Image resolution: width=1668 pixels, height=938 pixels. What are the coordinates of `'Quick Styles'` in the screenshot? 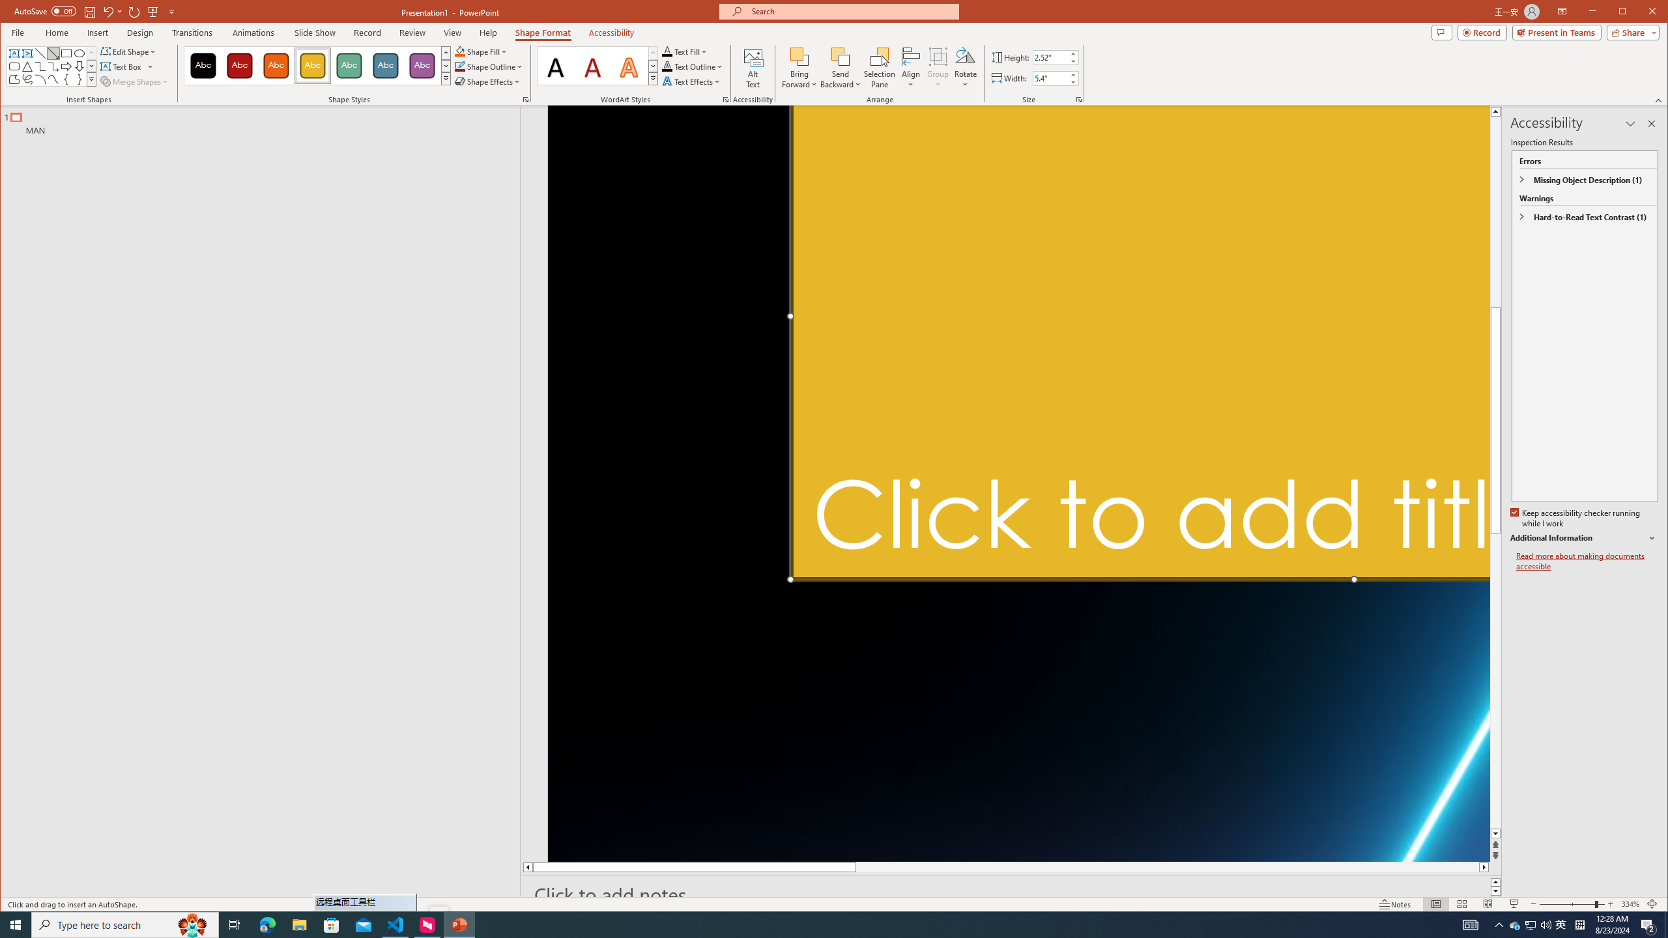 It's located at (653, 78).